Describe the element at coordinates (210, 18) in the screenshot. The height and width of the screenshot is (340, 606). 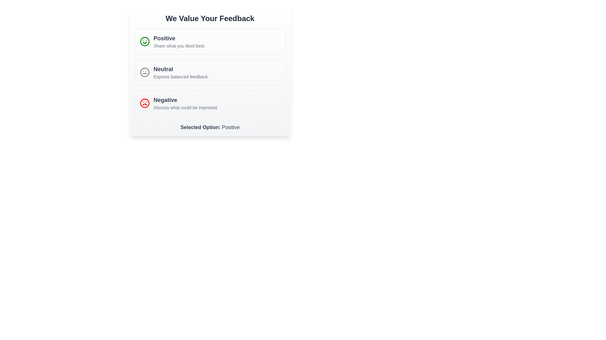
I see `the text label or heading component at the top of the feedback form` at that location.